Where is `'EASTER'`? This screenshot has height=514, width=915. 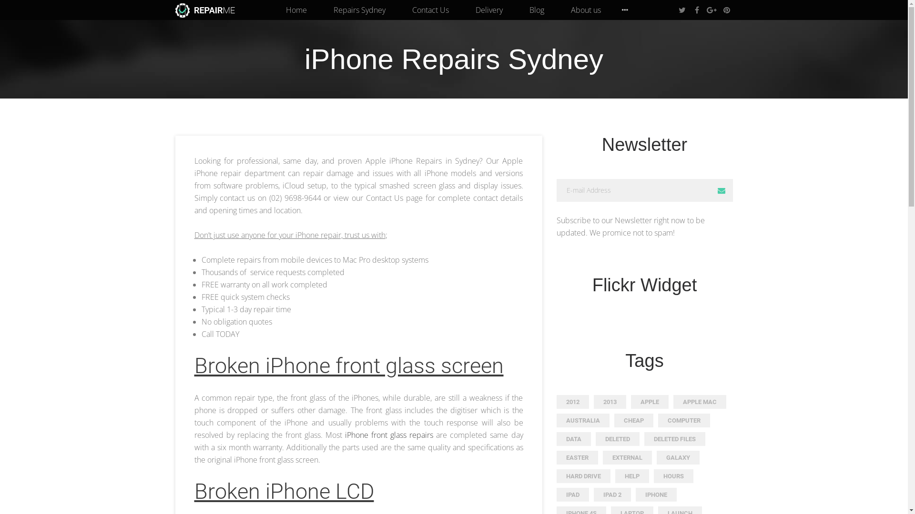
'EASTER' is located at coordinates (577, 457).